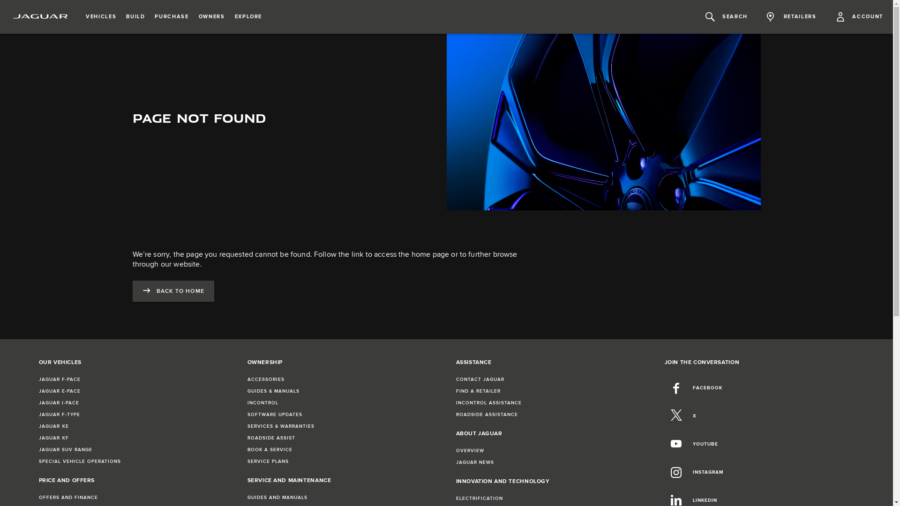 Image resolution: width=900 pixels, height=506 pixels. Describe the element at coordinates (270, 449) in the screenshot. I see `'BOOK A SERVICE'` at that location.